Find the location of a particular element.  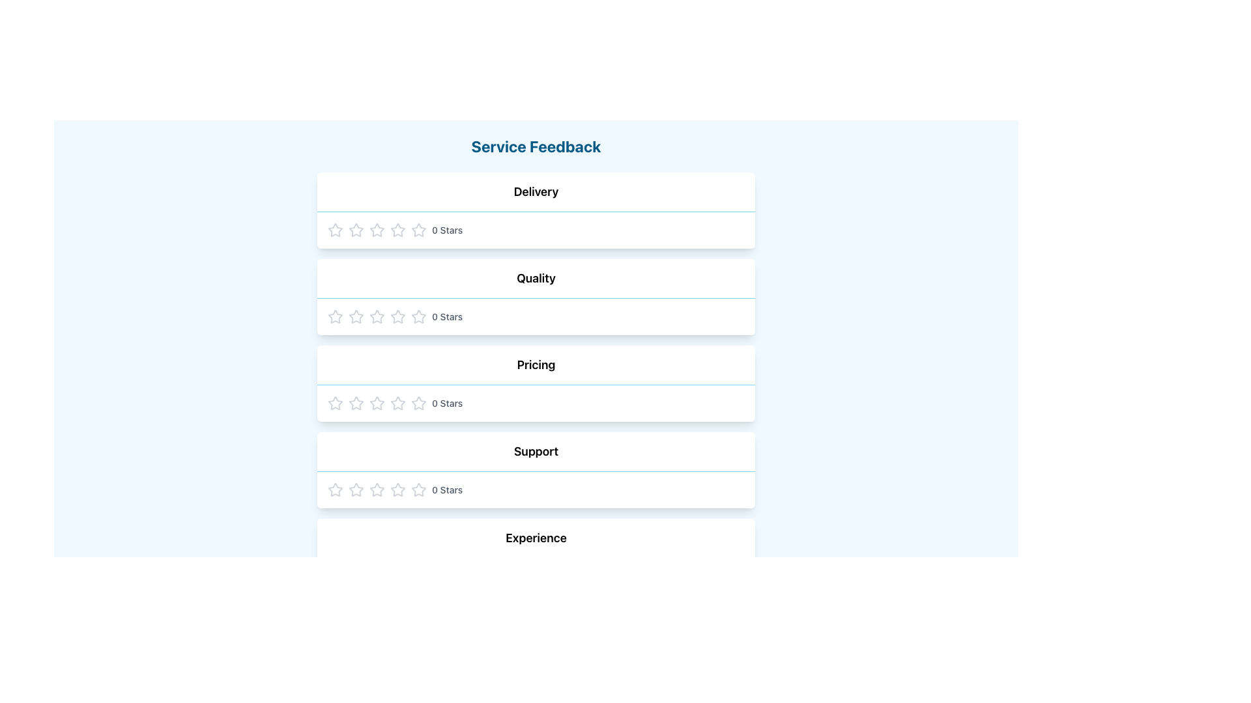

the first hollow star icon is located at coordinates (335, 316).